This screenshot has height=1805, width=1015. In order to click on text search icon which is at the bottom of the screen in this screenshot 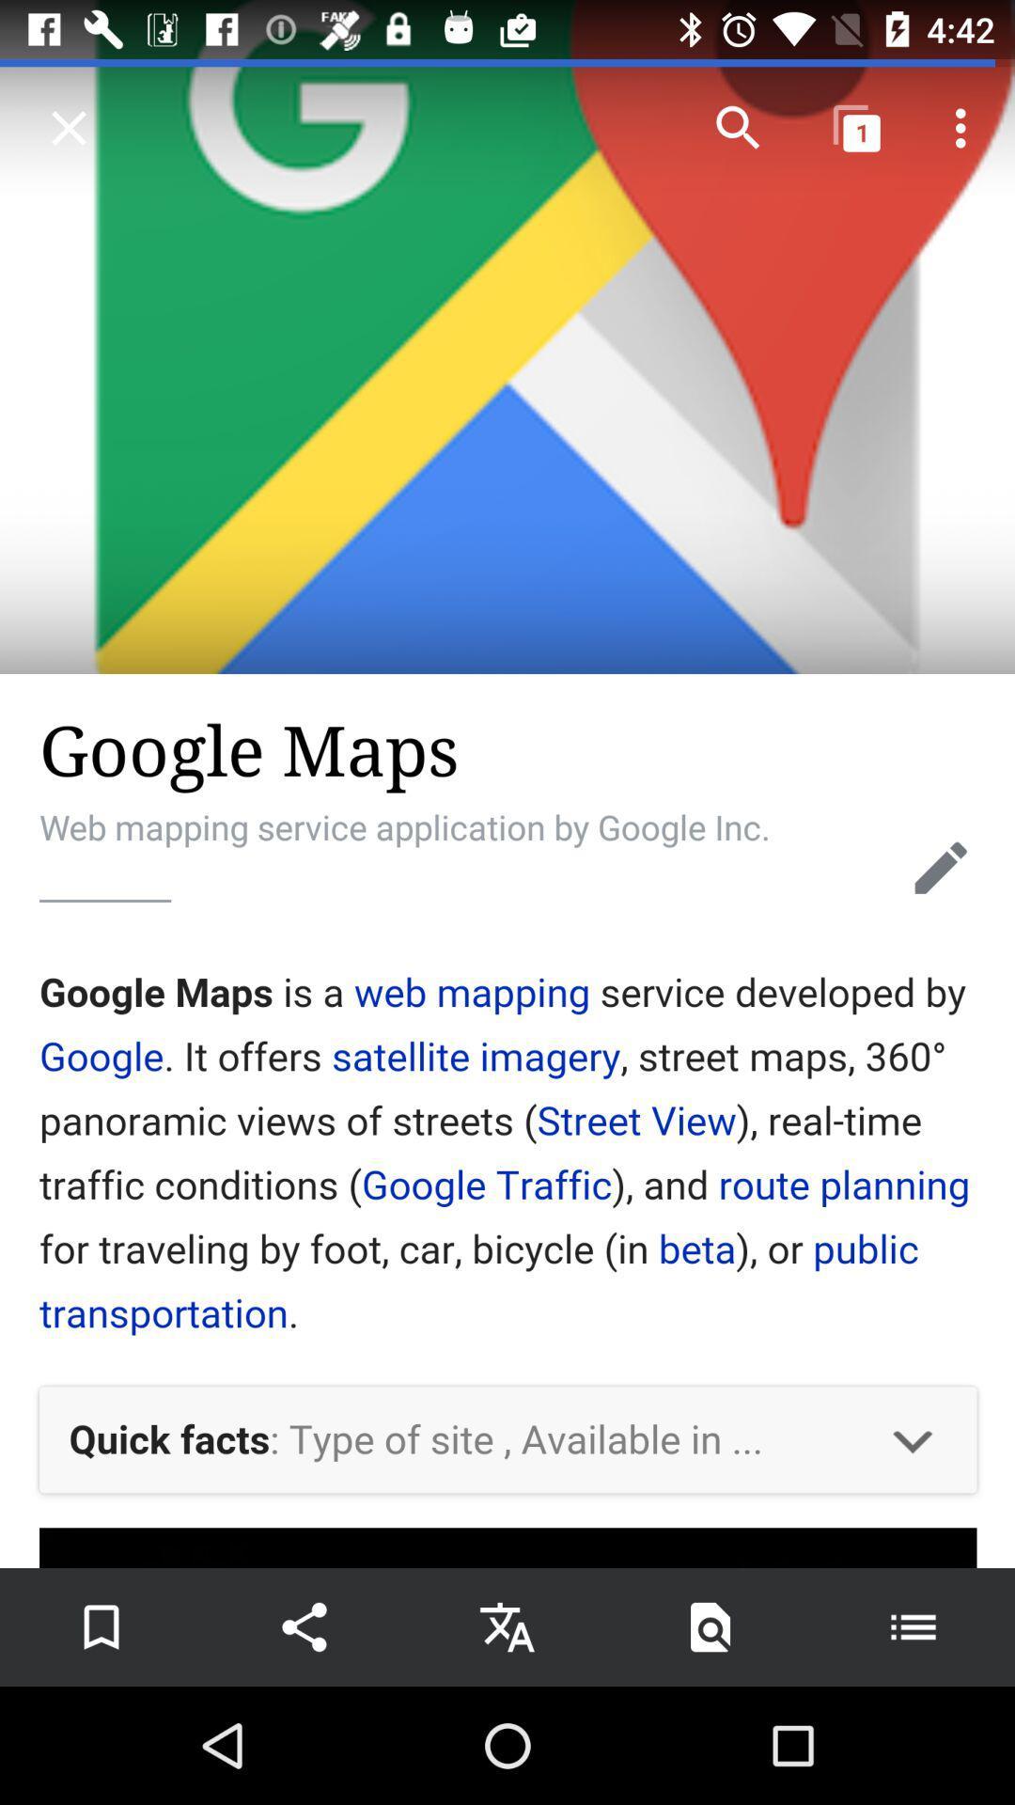, I will do `click(710, 1626)`.